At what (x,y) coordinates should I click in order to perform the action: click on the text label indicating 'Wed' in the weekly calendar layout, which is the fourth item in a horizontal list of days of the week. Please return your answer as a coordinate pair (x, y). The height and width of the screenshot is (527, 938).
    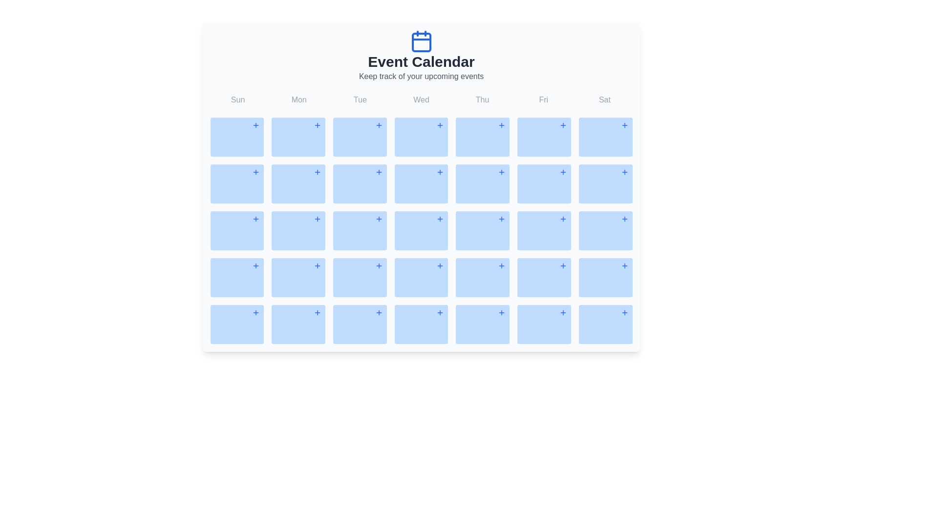
    Looking at the image, I should click on (421, 100).